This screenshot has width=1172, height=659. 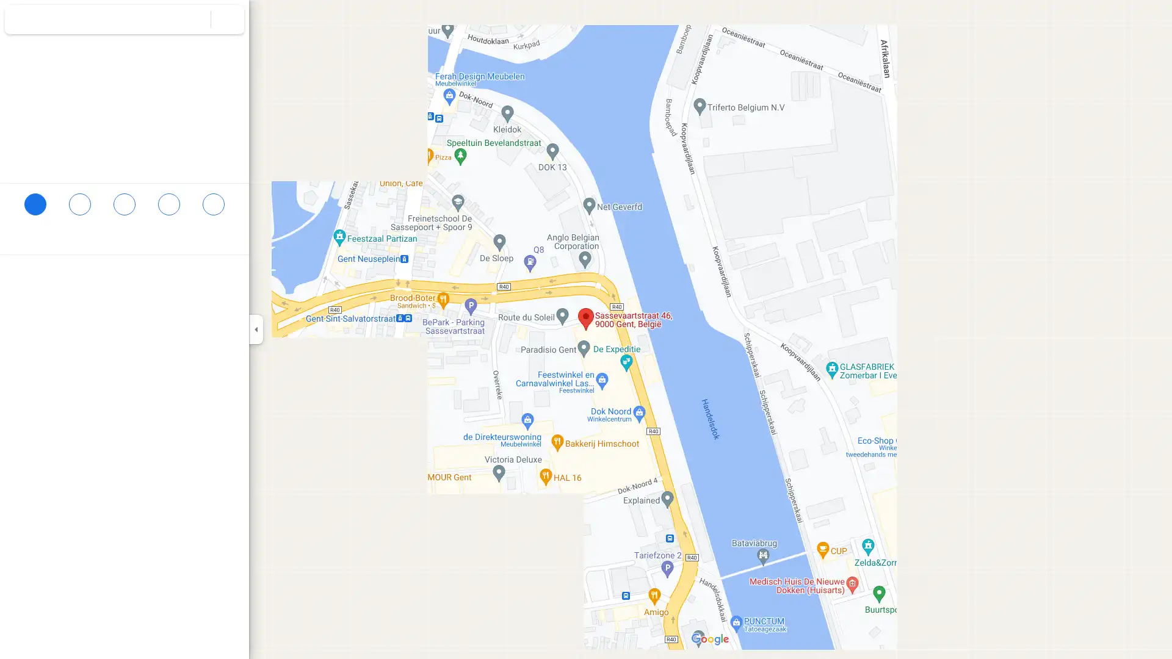 I want to click on Sassevaartstraat 46 opslaan in je lijsten, so click(x=79, y=209).